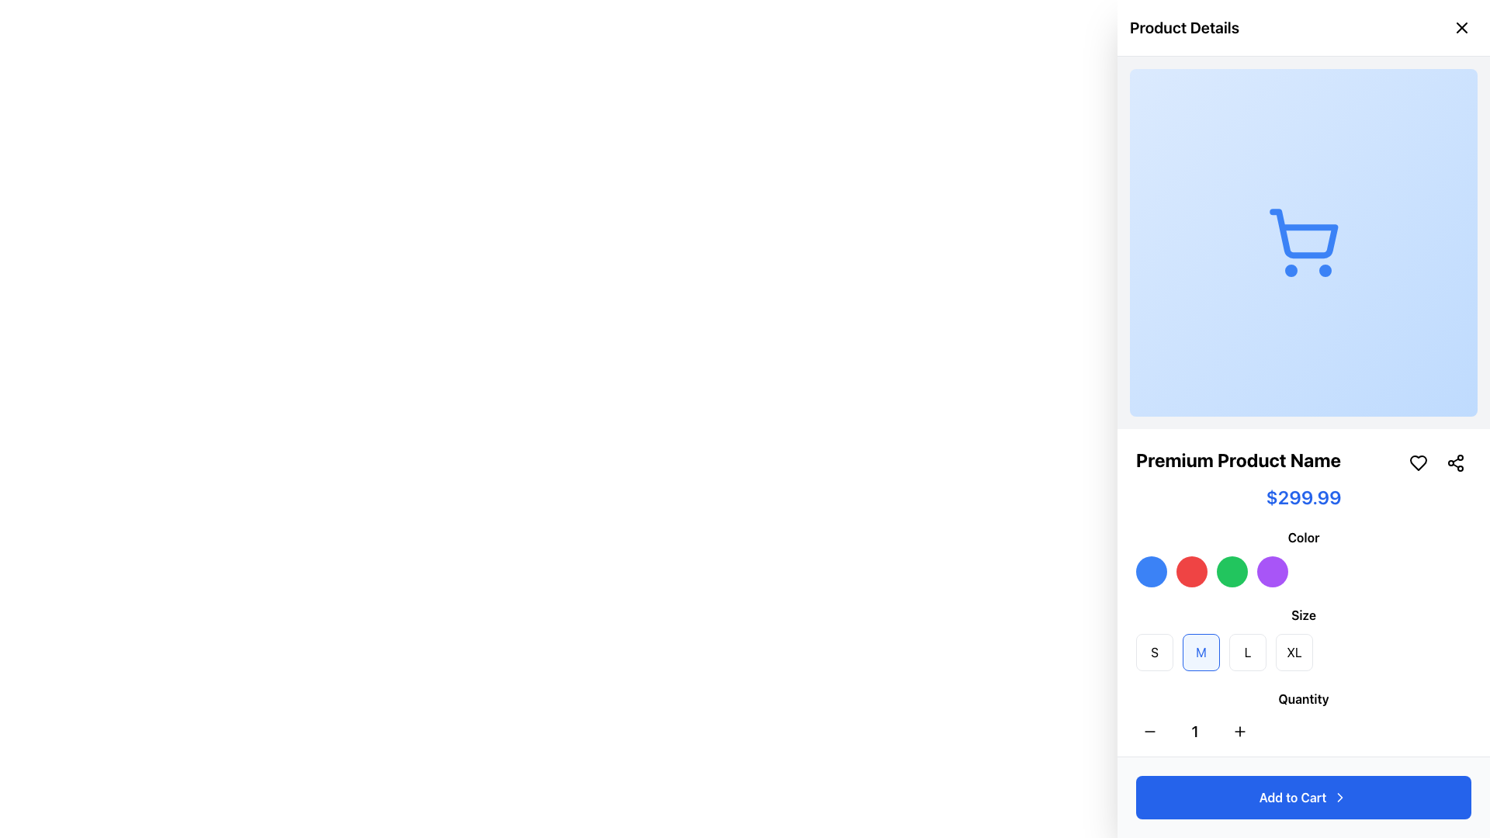 This screenshot has width=1490, height=838. Describe the element at coordinates (1150, 731) in the screenshot. I see `the circular minus button with a white background to decrease the quantity` at that location.